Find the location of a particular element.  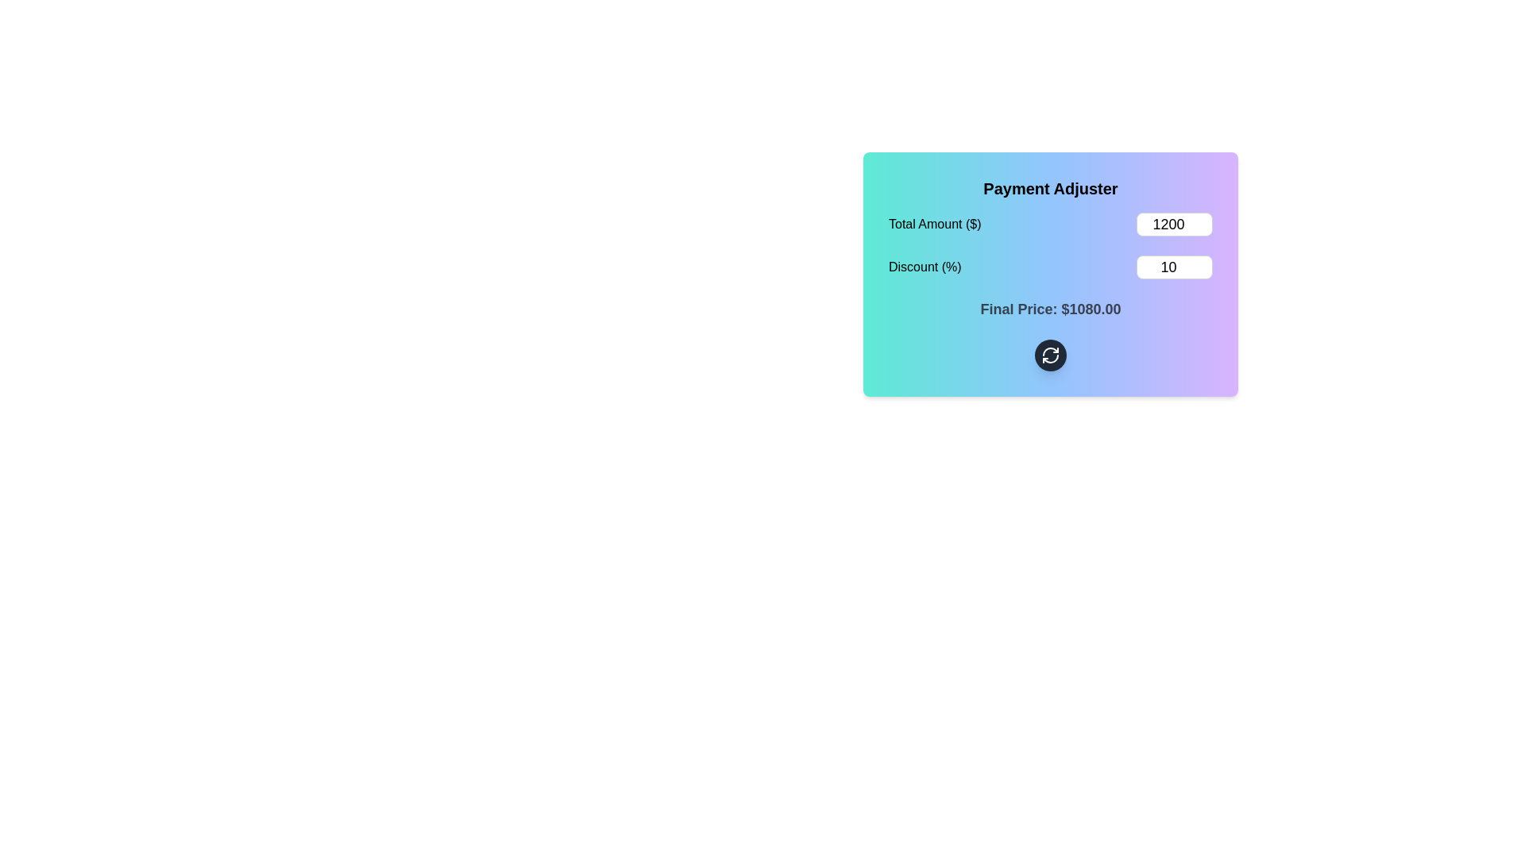

the circular refresh button with a dark background and white refresh icon located at the bottom center of the 'Payment Adjuster' interface card is located at coordinates (1051, 354).